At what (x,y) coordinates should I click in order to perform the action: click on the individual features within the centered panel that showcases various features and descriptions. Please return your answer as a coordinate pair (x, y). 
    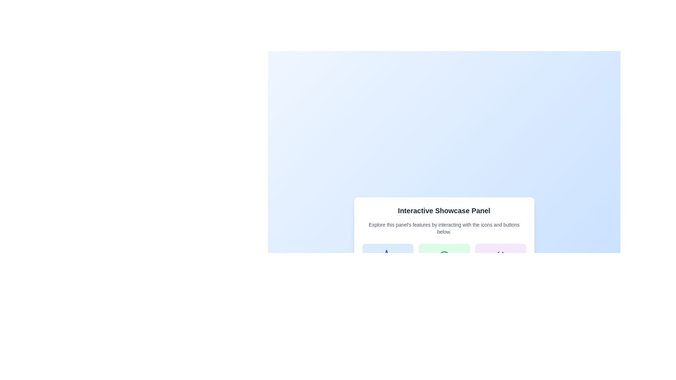
    Looking at the image, I should click on (444, 241).